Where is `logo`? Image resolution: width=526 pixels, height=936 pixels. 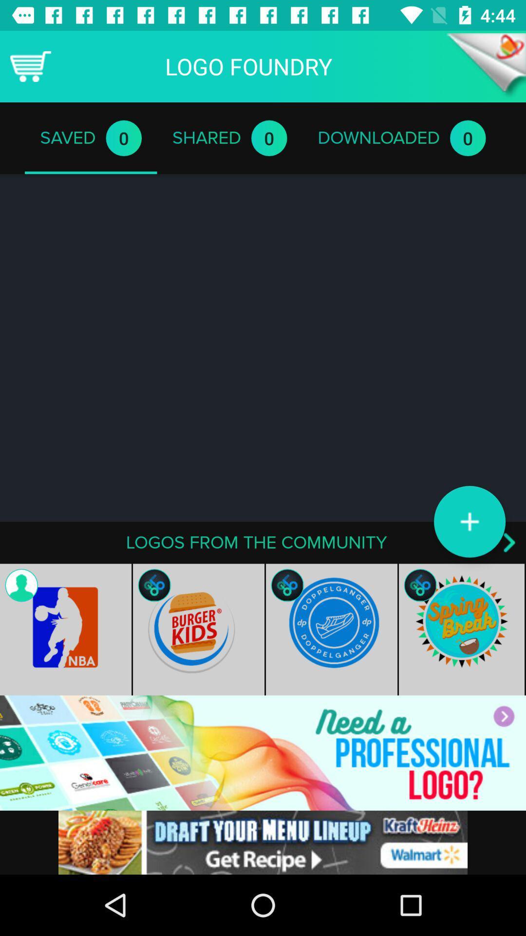
logo is located at coordinates (469, 521).